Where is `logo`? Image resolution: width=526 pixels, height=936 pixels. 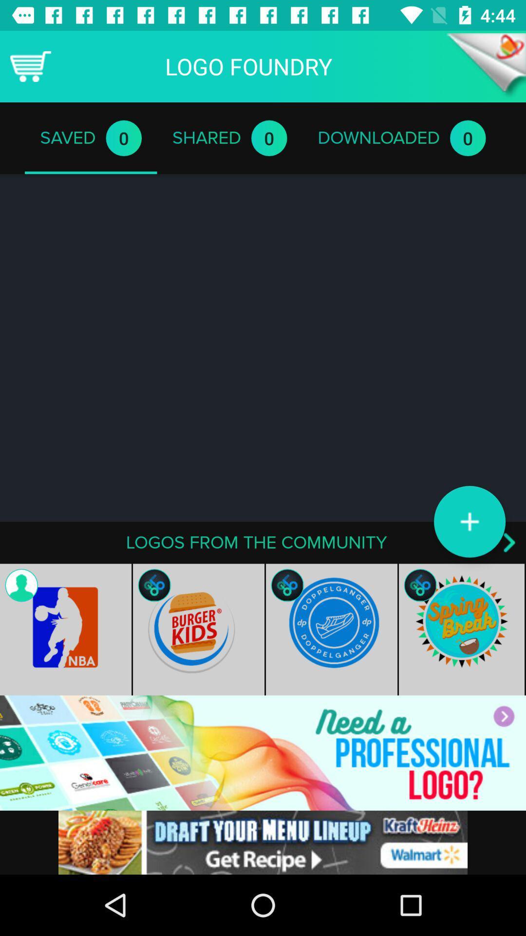
logo is located at coordinates (469, 521).